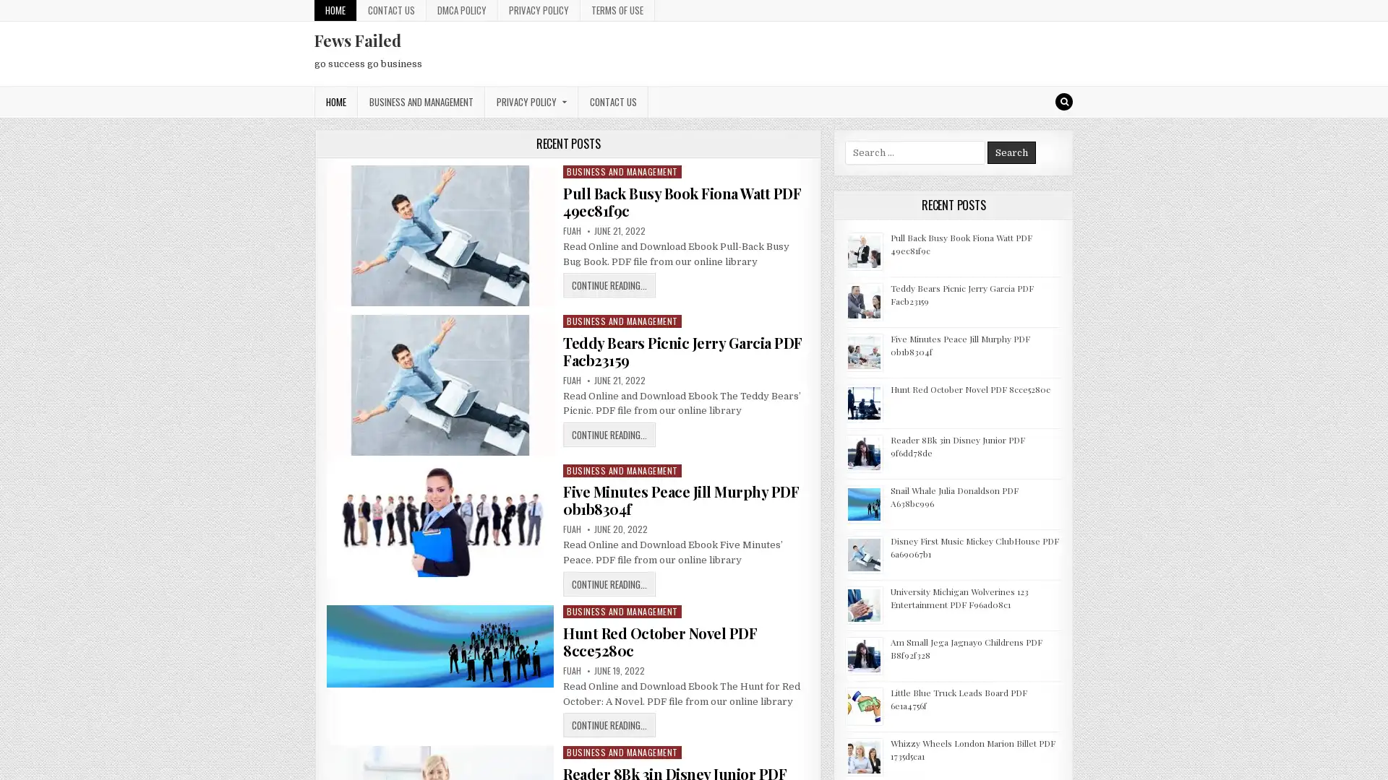 The height and width of the screenshot is (780, 1388). I want to click on Search, so click(1011, 152).